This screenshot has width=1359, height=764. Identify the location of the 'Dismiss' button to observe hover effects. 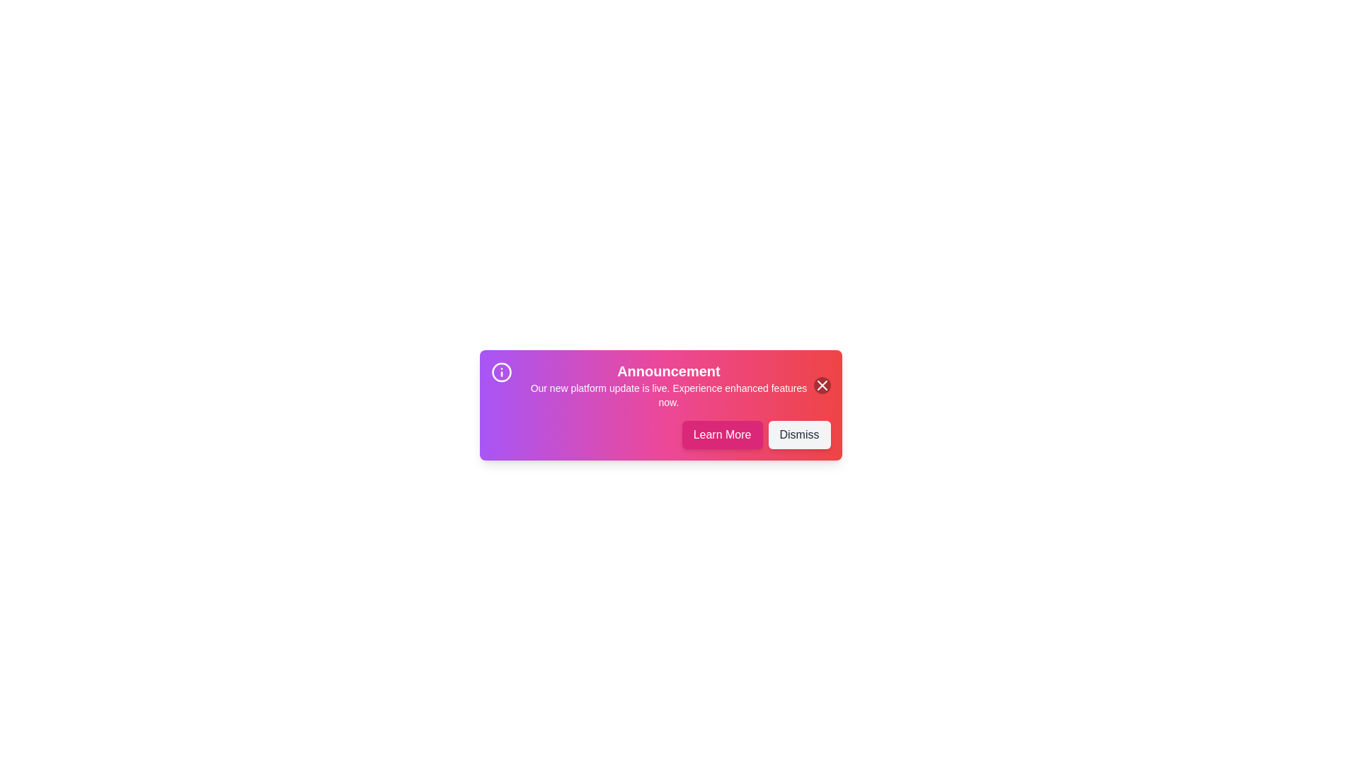
(799, 434).